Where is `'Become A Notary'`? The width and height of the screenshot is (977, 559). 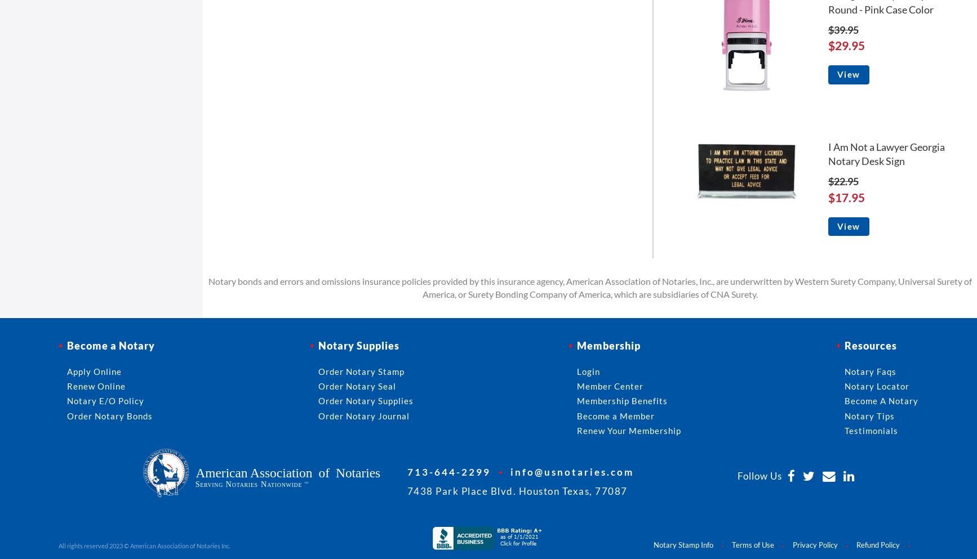 'Become A Notary' is located at coordinates (881, 400).